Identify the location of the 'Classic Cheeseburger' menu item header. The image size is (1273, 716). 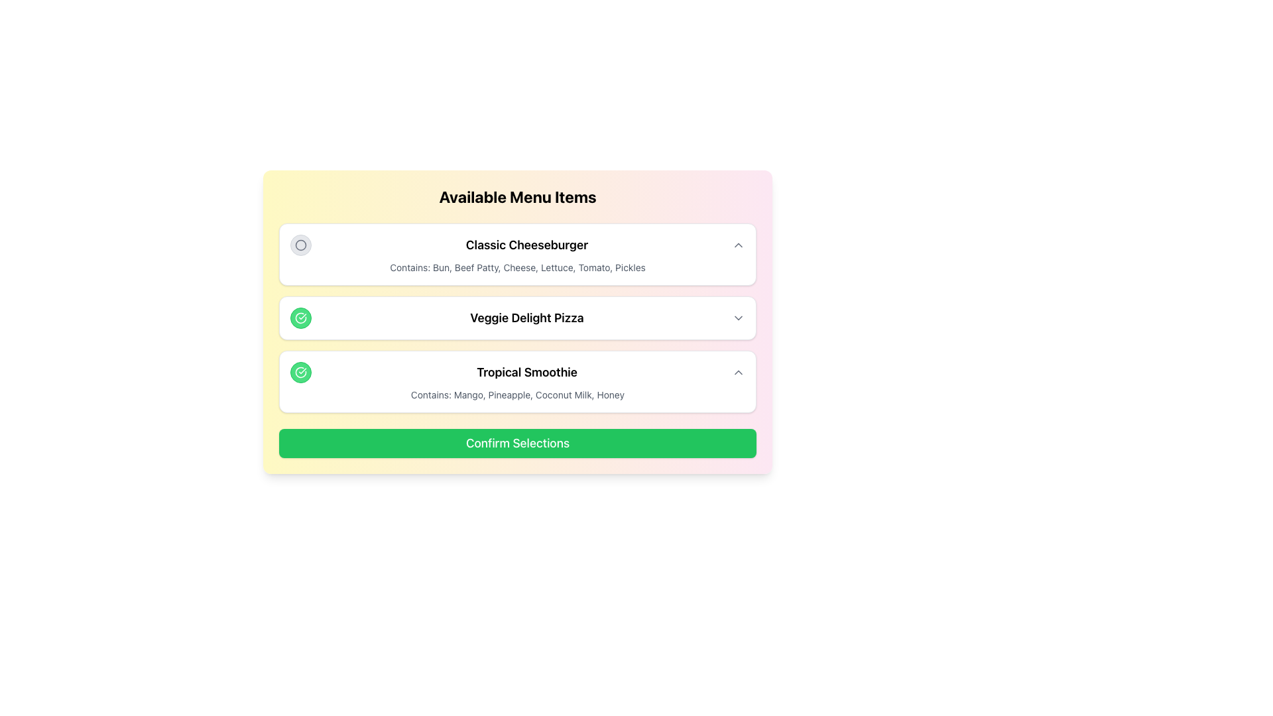
(517, 245).